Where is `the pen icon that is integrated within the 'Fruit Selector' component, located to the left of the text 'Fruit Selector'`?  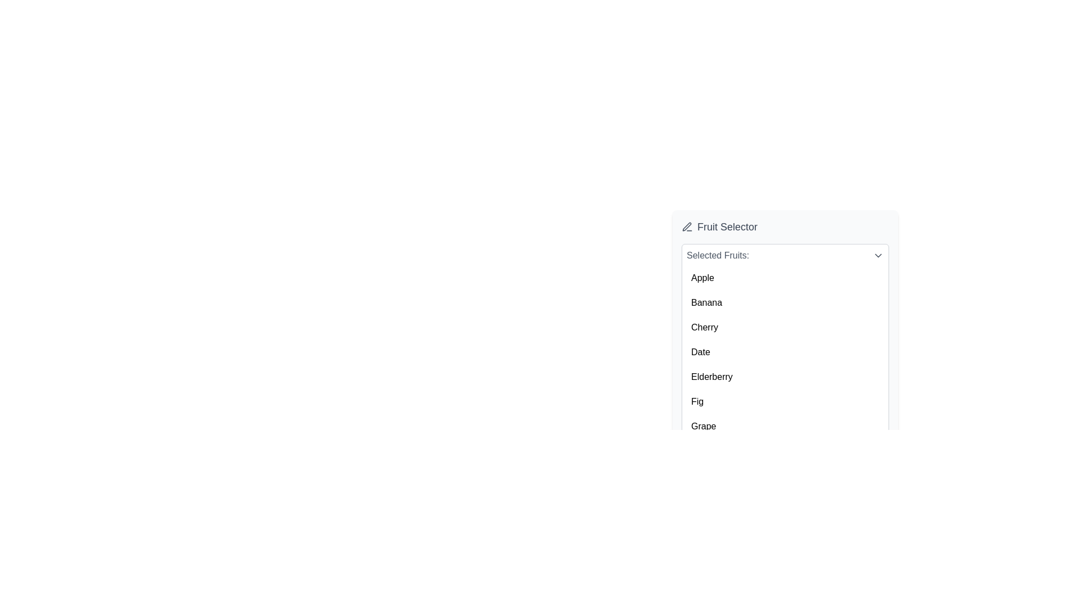
the pen icon that is integrated within the 'Fruit Selector' component, located to the left of the text 'Fruit Selector' is located at coordinates (687, 227).